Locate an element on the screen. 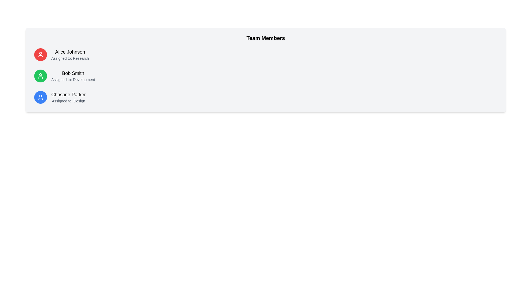  the user silhouette icon, which is a white vector graphic outlined in blue, located to the left of the 'Christine Parker' name in the 'Team Members' section is located at coordinates (40, 97).